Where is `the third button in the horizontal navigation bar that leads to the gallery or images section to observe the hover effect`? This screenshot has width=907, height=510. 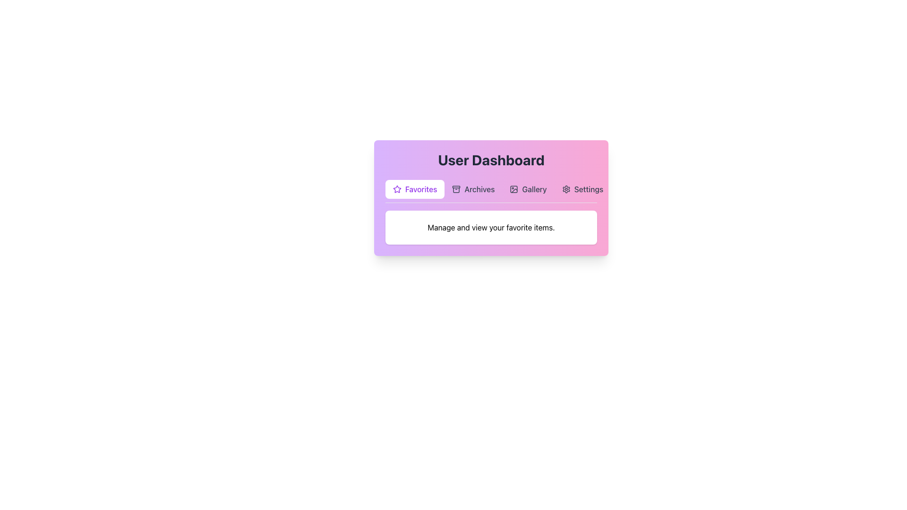 the third button in the horizontal navigation bar that leads to the gallery or images section to observe the hover effect is located at coordinates (528, 189).